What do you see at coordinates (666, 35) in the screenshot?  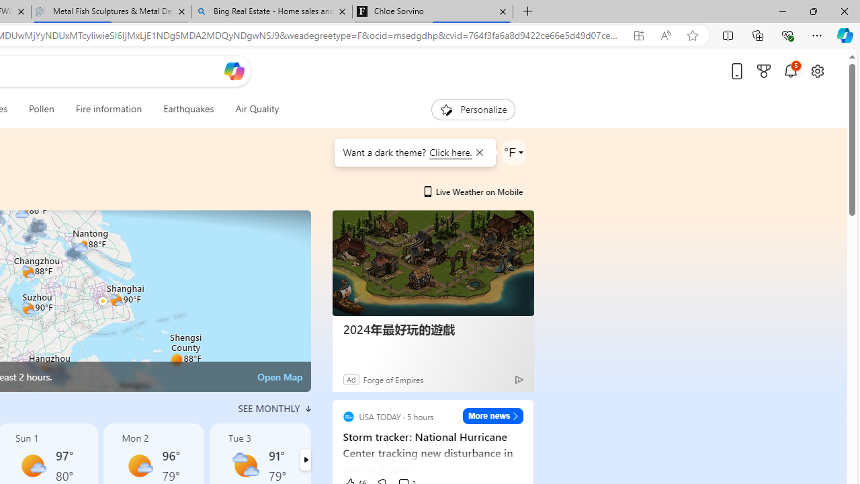 I see `'Read aloud this page (Ctrl+Shift+U)'` at bounding box center [666, 35].